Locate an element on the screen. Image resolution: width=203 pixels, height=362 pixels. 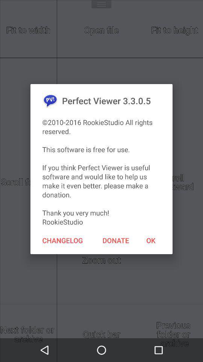
the item on the right is located at coordinates (151, 240).